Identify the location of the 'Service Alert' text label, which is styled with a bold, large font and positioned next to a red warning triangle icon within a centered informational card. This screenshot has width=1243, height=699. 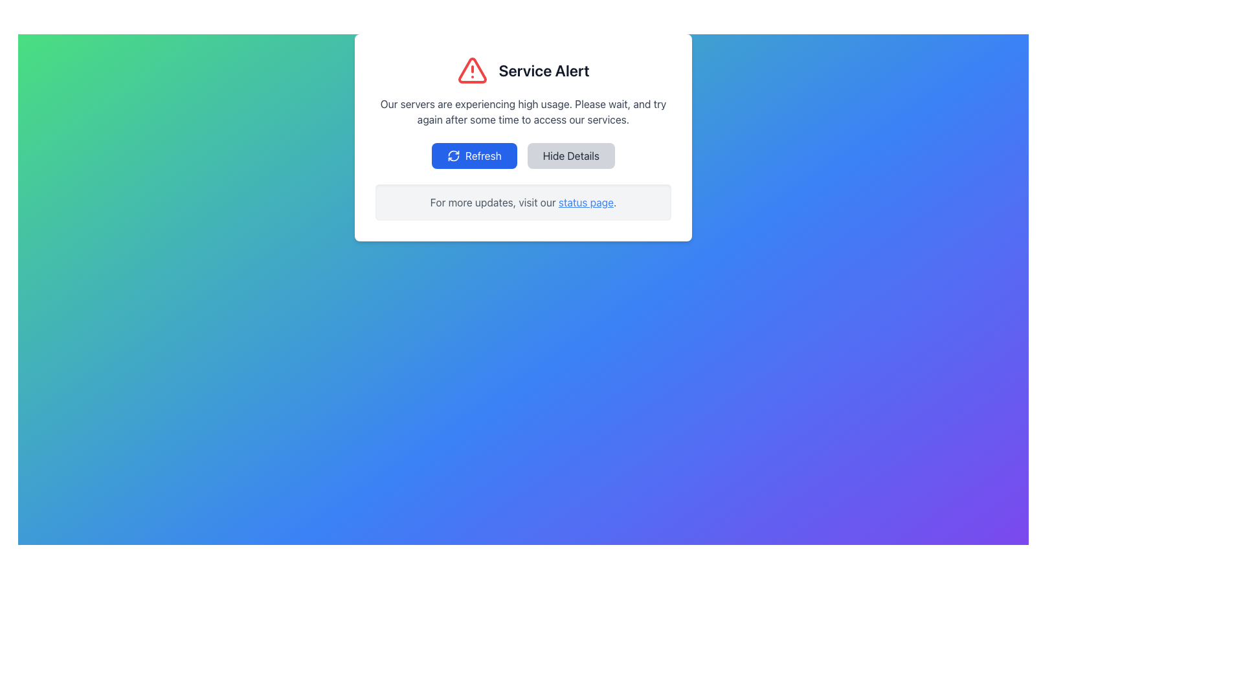
(544, 70).